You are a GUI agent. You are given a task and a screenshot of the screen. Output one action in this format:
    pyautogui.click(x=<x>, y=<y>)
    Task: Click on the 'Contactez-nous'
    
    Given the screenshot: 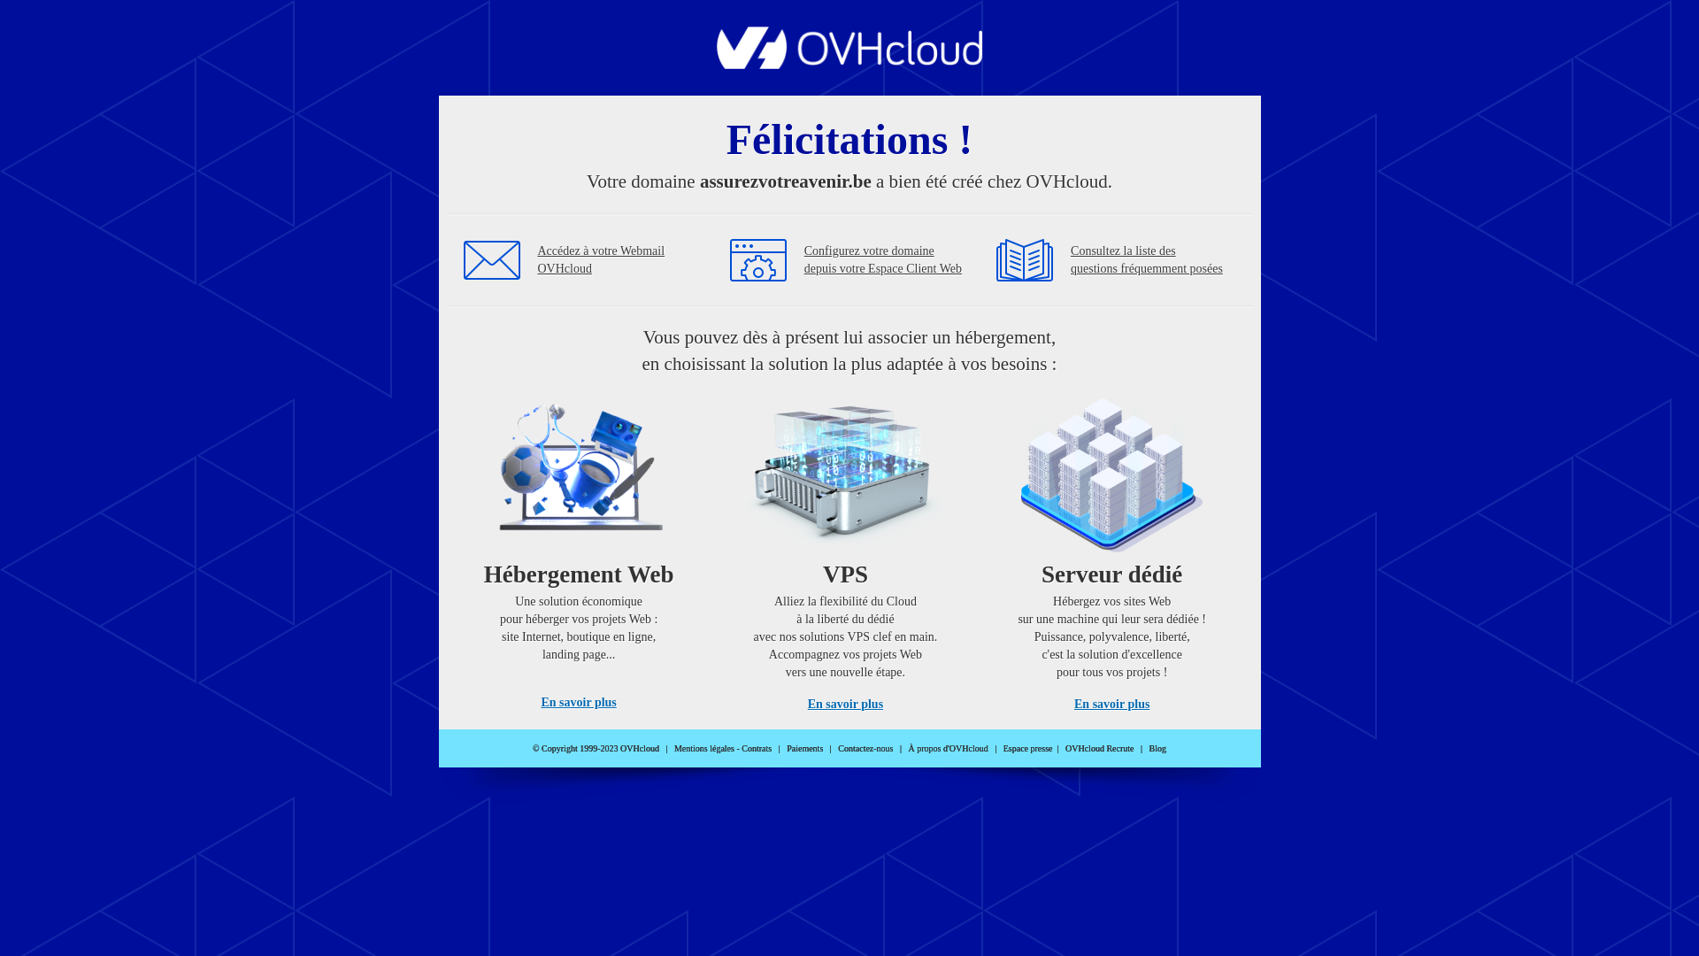 What is the action you would take?
    pyautogui.click(x=865, y=748)
    